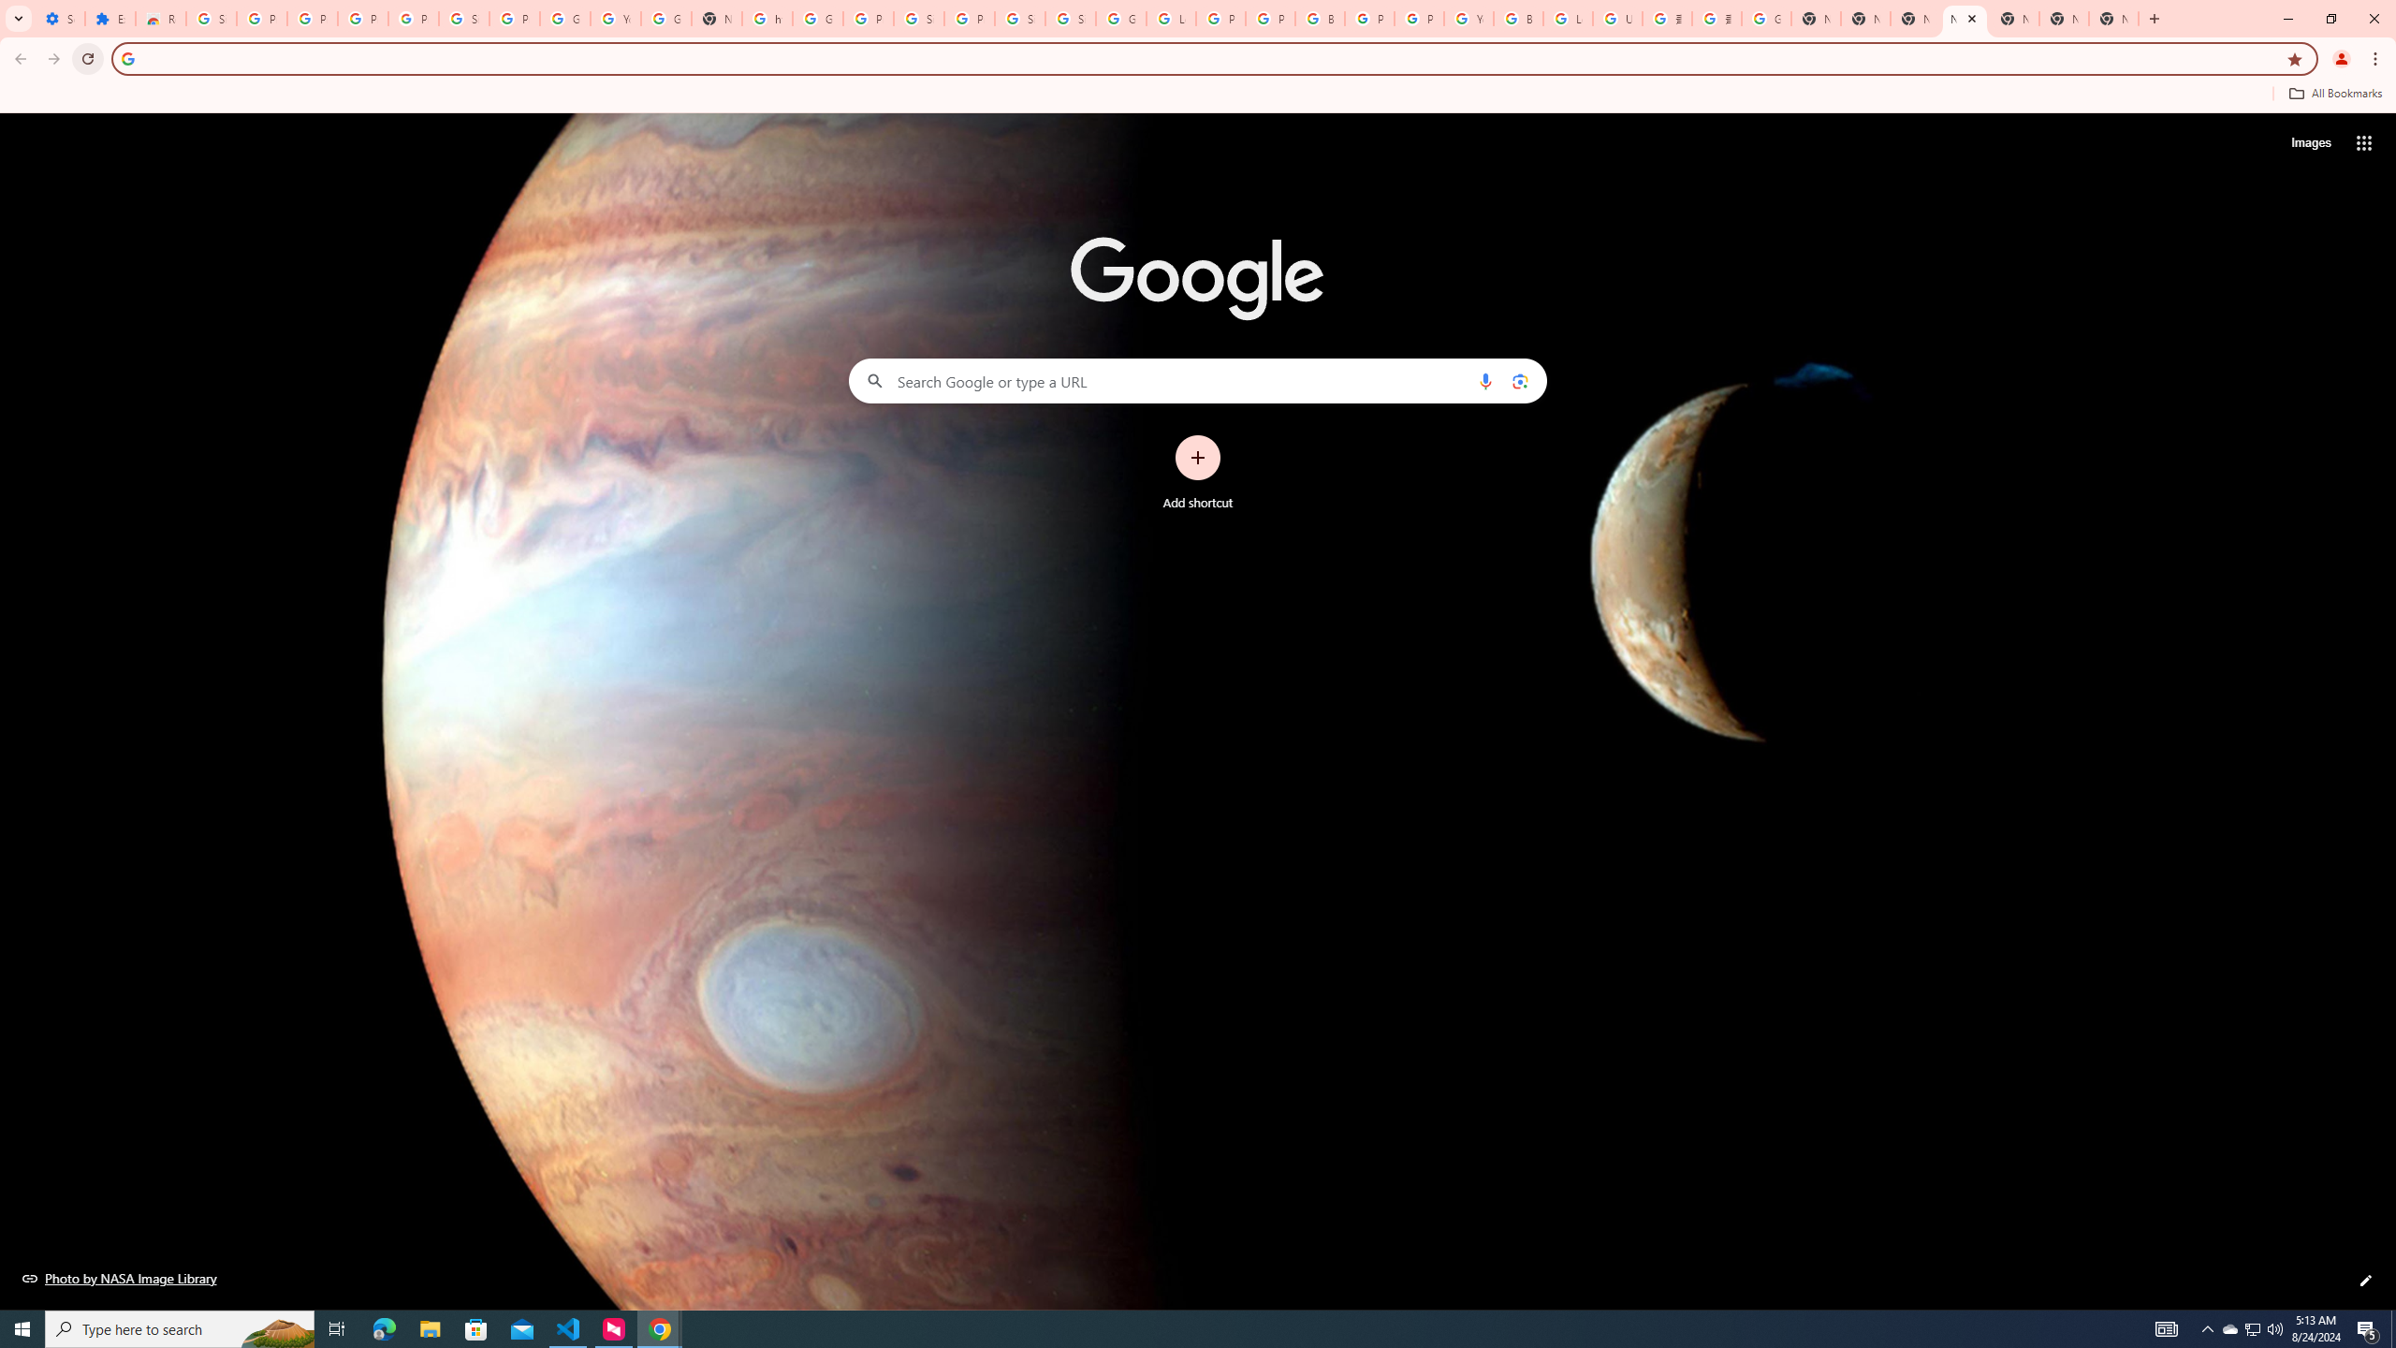 The height and width of the screenshot is (1348, 2396). I want to click on 'Extensions', so click(110, 18).